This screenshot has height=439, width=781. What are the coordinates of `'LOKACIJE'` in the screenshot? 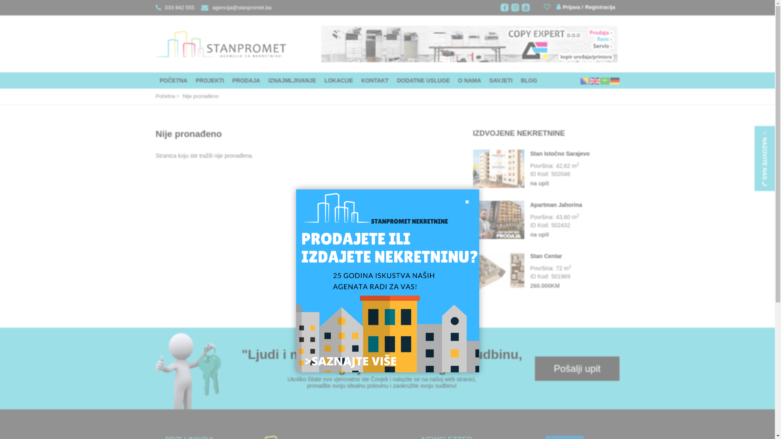 It's located at (320, 80).